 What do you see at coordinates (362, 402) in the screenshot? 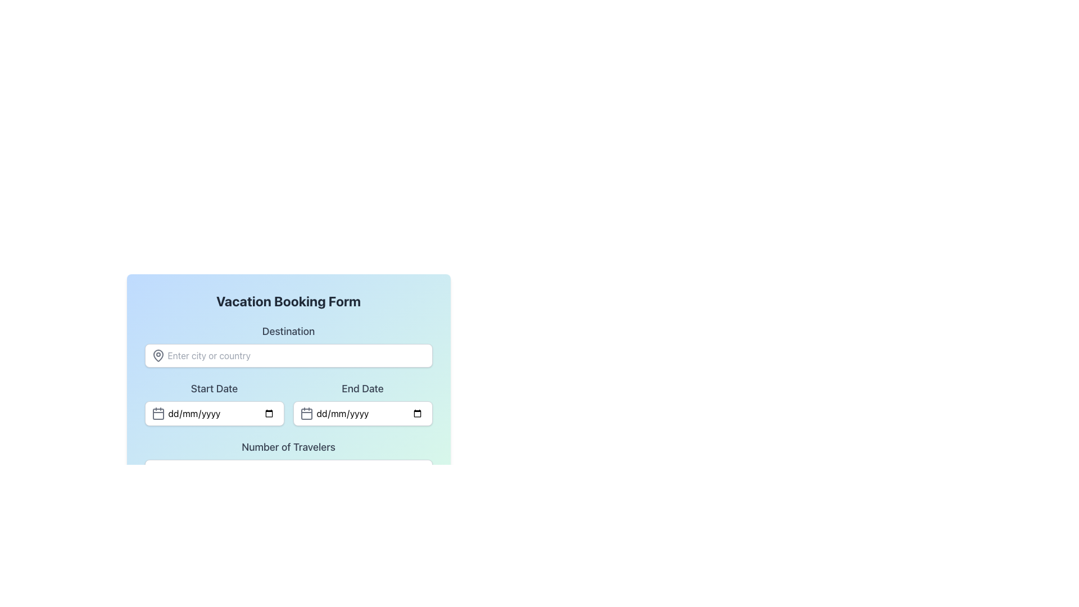
I see `the Date Picker Input Field to focus on it, which is located in the second column of a two-column grid layout, directly below the 'Destination' field, and to the right of the 'Start Date' field` at bounding box center [362, 402].